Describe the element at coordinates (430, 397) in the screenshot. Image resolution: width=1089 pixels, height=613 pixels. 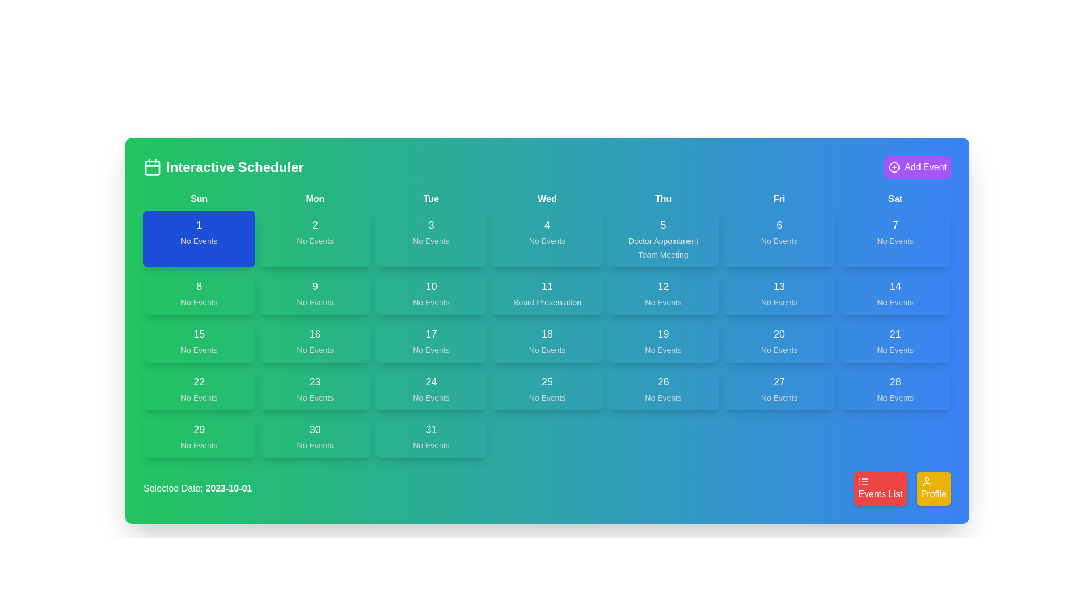
I see `the static text displaying 'No Events' located below the date '24' within a card in the calendar layout` at that location.